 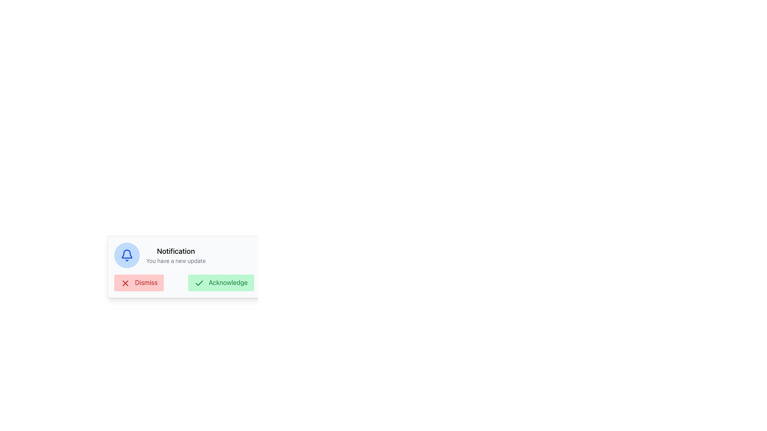 What do you see at coordinates (221, 282) in the screenshot?
I see `the second button in the horizontal button group located to the right of the 'Dismiss' button in the notification panel` at bounding box center [221, 282].